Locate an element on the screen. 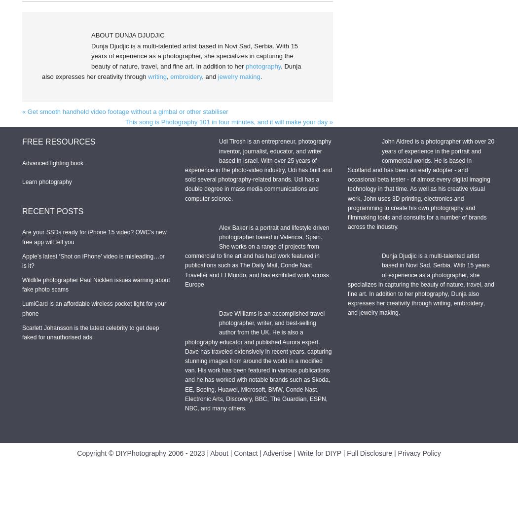 This screenshot has width=518, height=513. 'Learn photography' is located at coordinates (47, 181).